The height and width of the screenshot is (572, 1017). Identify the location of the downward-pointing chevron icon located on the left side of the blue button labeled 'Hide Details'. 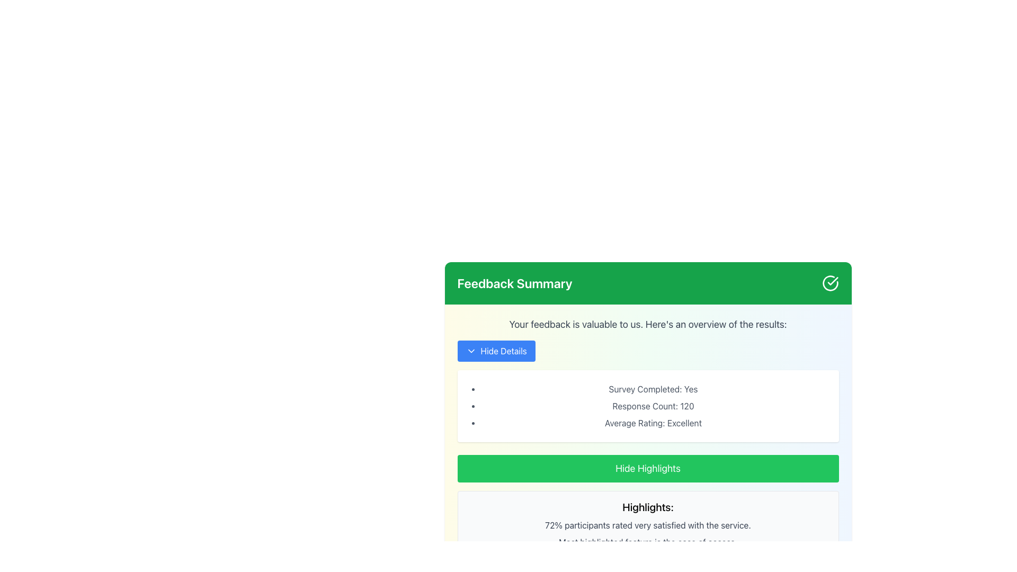
(470, 351).